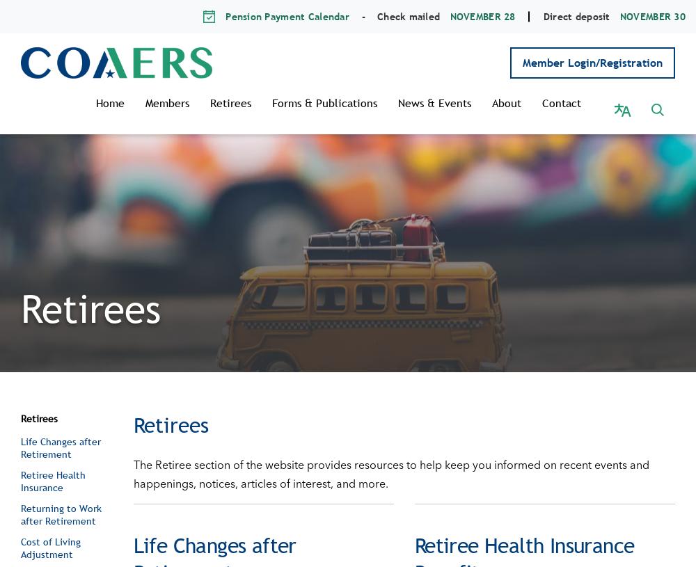 The width and height of the screenshot is (696, 567). I want to click on 'November 30', so click(619, 15).